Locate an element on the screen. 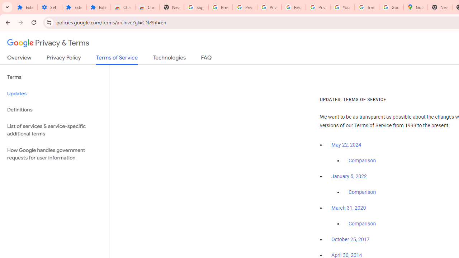 The image size is (459, 258). 'Extensions' is located at coordinates (98, 7).